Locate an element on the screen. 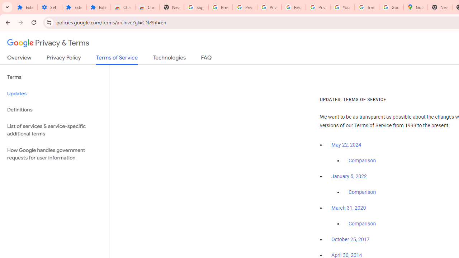 The image size is (459, 258). 'Extensions' is located at coordinates (98, 7).